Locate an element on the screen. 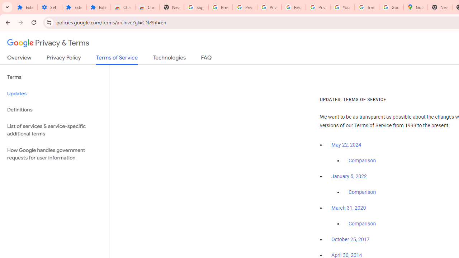 The image size is (459, 258). 'Extensions' is located at coordinates (98, 7).